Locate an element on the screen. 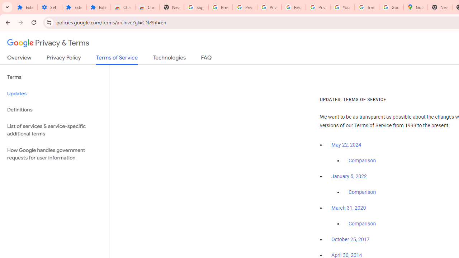 The image size is (459, 258). 'Extensions' is located at coordinates (98, 7).